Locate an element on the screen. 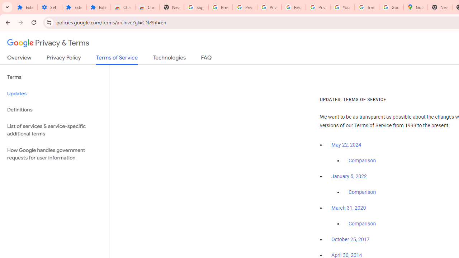 The image size is (459, 258). 'Extensions' is located at coordinates (98, 7).